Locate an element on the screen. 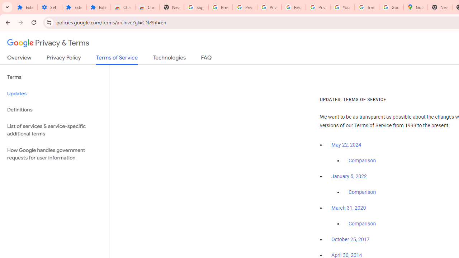 The image size is (459, 258). 'Extensions' is located at coordinates (98, 7).